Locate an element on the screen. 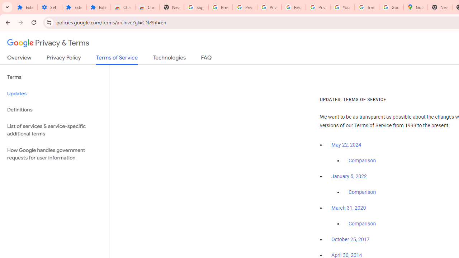 The image size is (459, 258). 'Extensions' is located at coordinates (98, 7).